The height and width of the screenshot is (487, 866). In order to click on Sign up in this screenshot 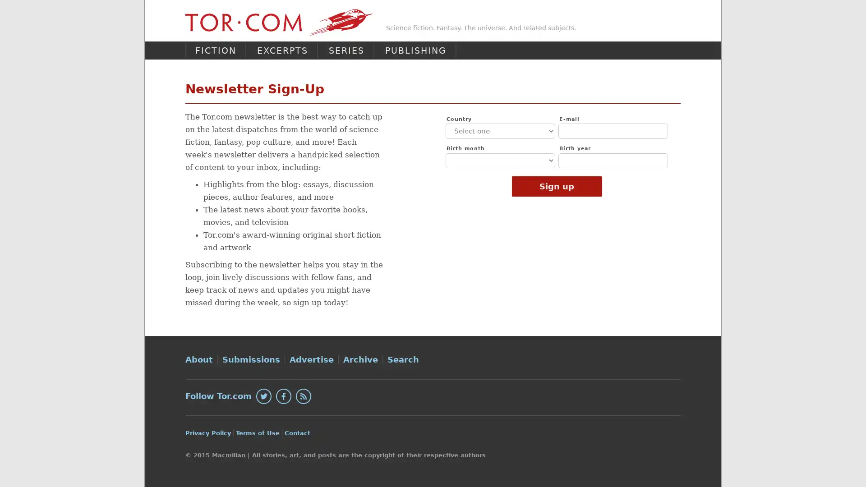, I will do `click(556, 185)`.